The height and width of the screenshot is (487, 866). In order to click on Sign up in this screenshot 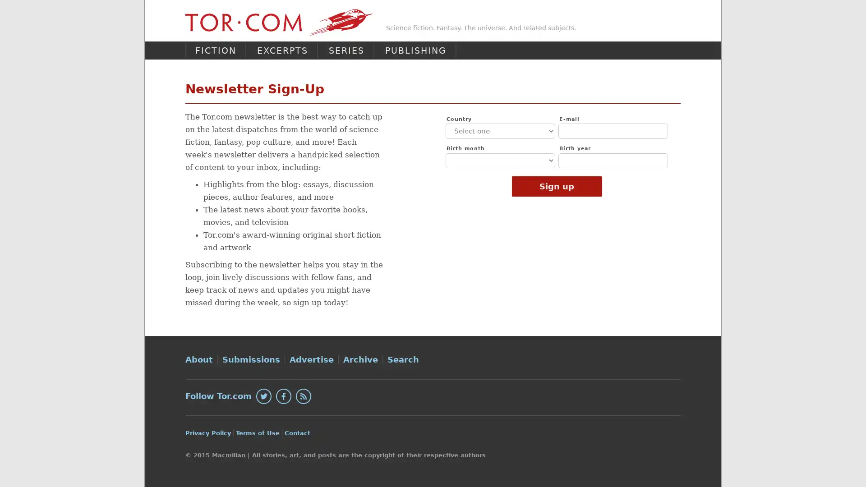, I will do `click(556, 185)`.